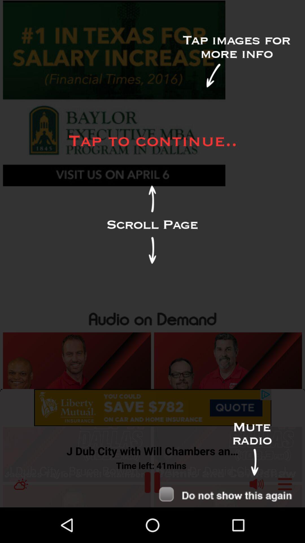 Image resolution: width=305 pixels, height=543 pixels. What do you see at coordinates (252, 449) in the screenshot?
I see `the text mute radio` at bounding box center [252, 449].